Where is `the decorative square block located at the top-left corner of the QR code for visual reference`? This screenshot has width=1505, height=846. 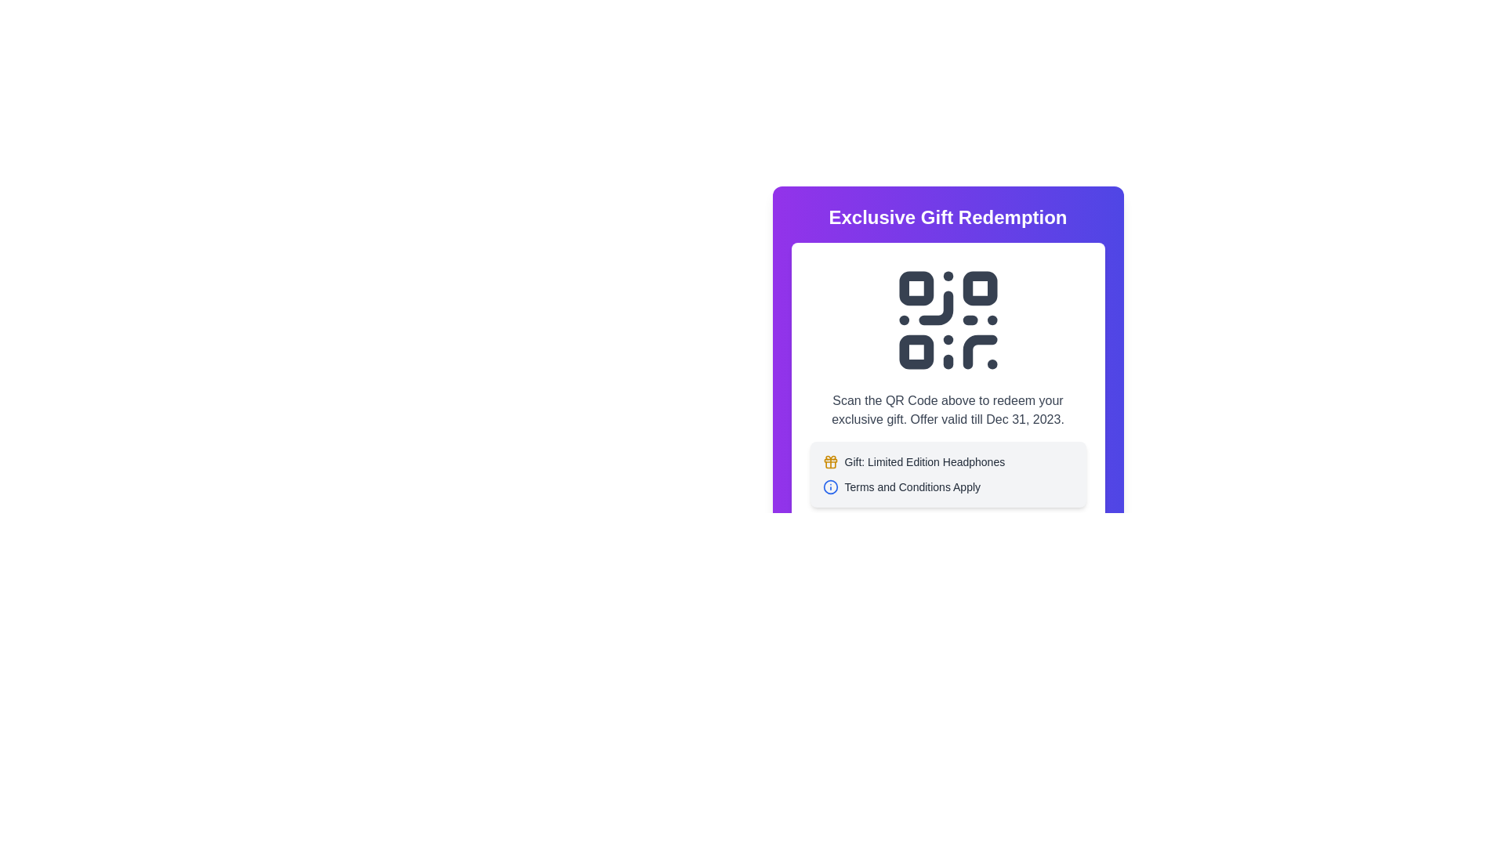
the decorative square block located at the top-left corner of the QR code for visual reference is located at coordinates (916, 288).